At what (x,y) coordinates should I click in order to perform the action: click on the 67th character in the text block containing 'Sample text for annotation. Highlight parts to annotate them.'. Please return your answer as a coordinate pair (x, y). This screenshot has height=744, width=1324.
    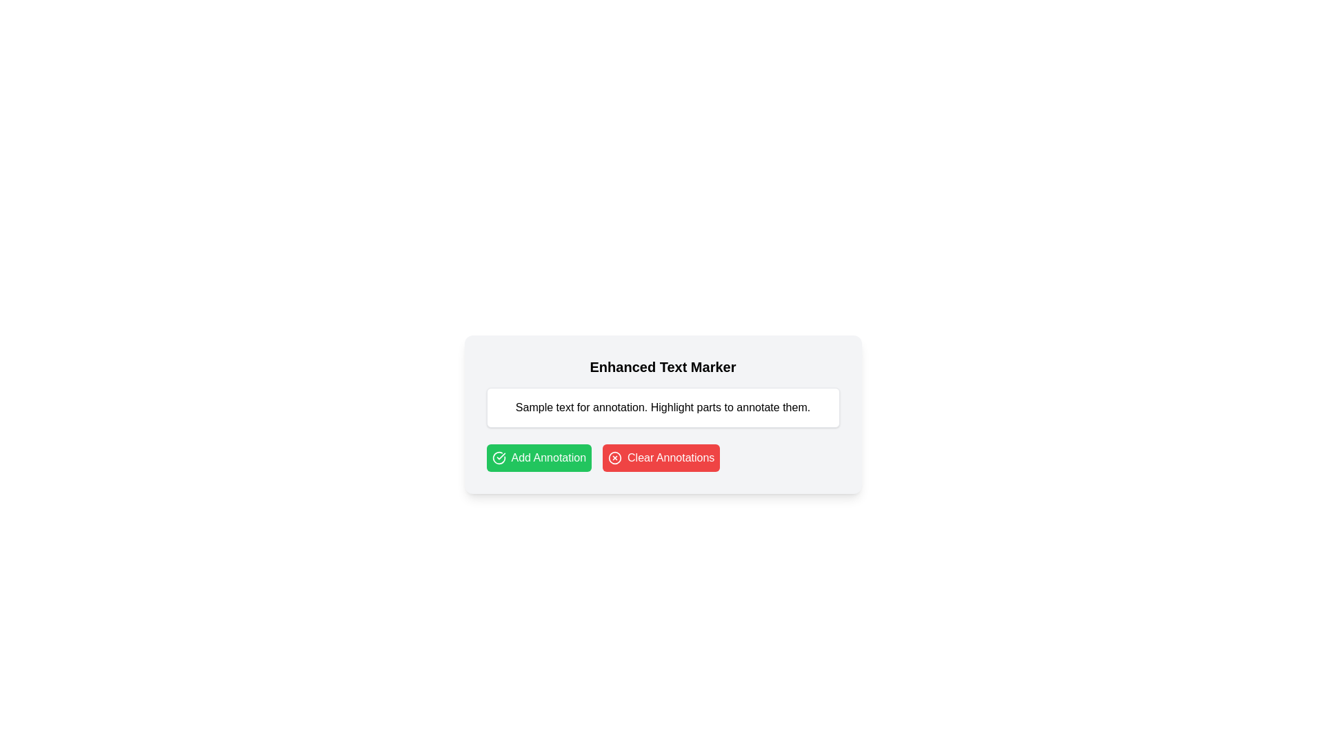
    Looking at the image, I should click on (725, 406).